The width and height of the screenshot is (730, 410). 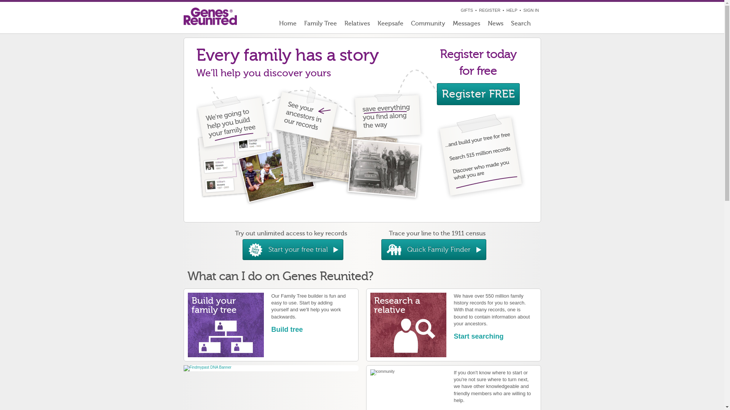 What do you see at coordinates (321, 25) in the screenshot?
I see `'Family Tree'` at bounding box center [321, 25].